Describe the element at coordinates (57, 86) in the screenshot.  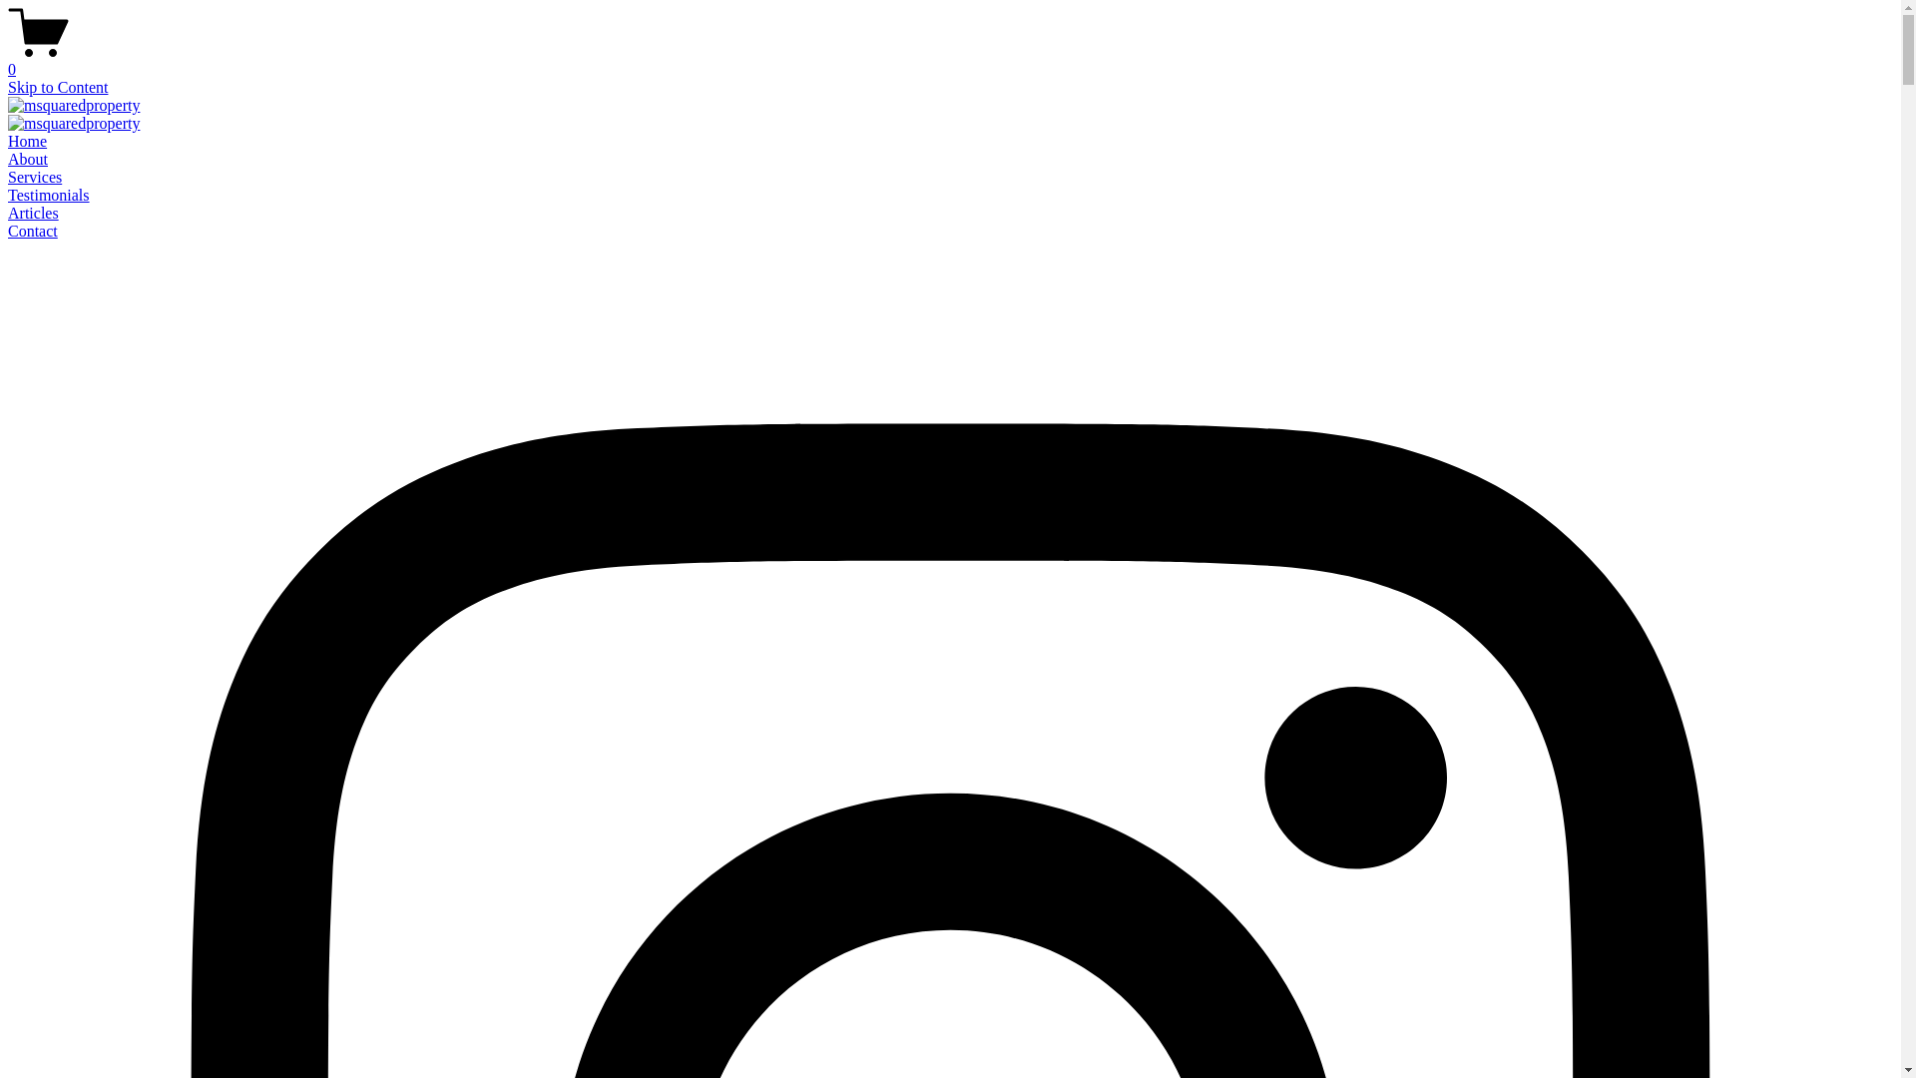
I see `'Skip to Content'` at that location.